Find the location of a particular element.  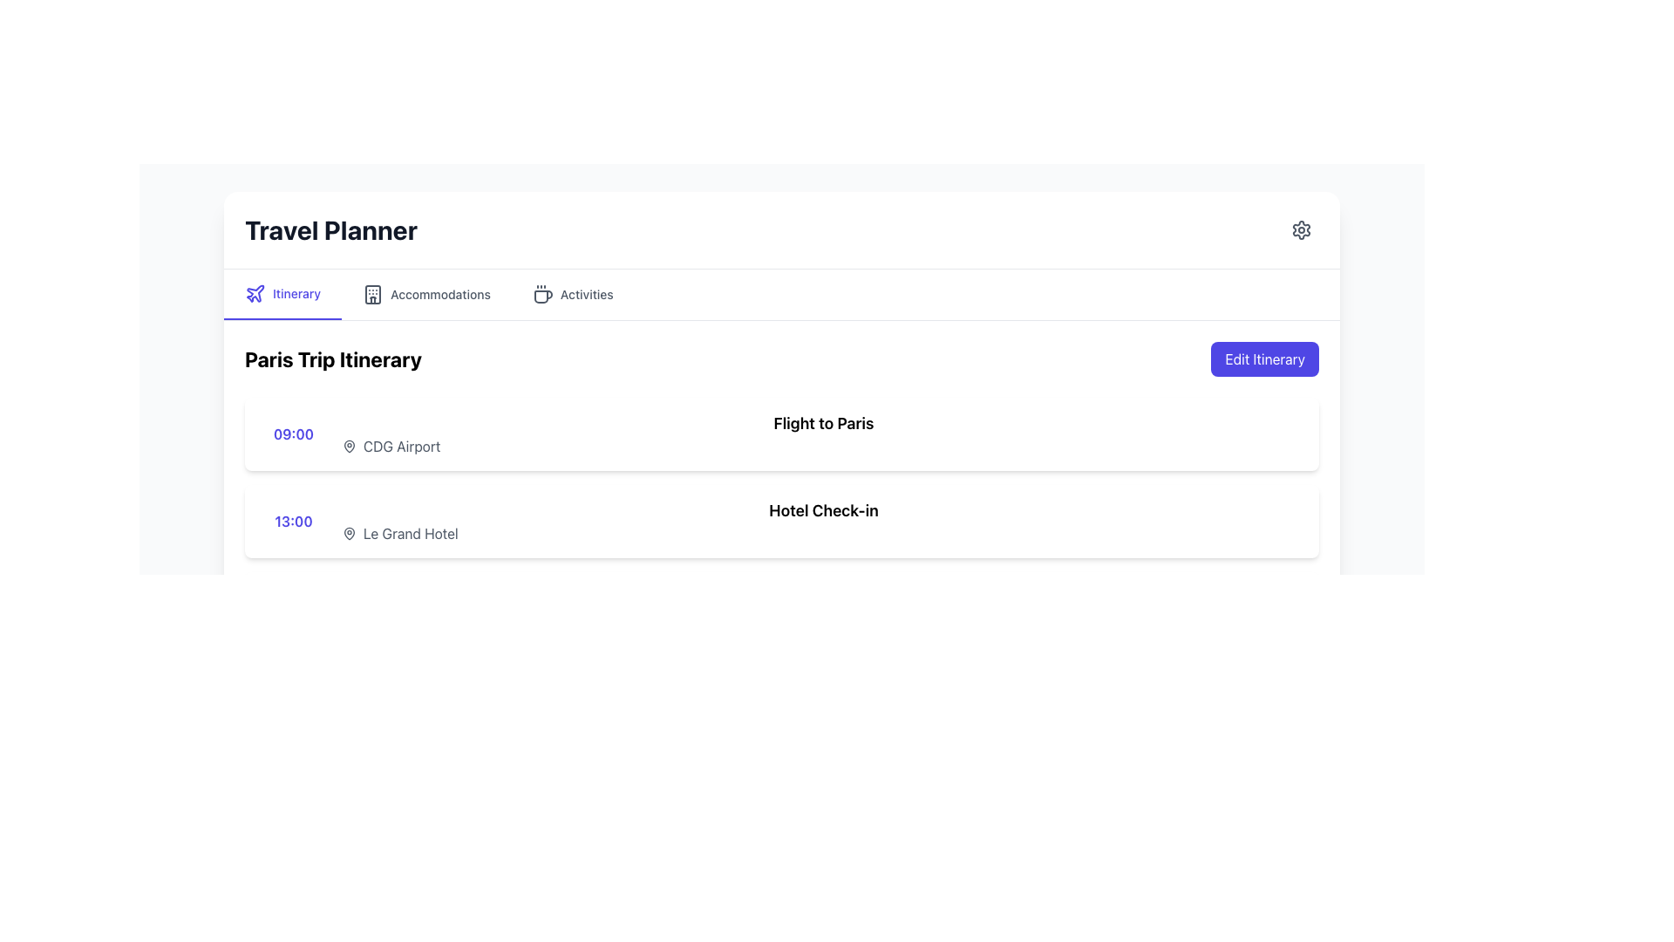

the 'Accommodations' button located in the horizontal navigation bar, positioned between 'Itinerary' and 'Activities' is located at coordinates (426, 294).